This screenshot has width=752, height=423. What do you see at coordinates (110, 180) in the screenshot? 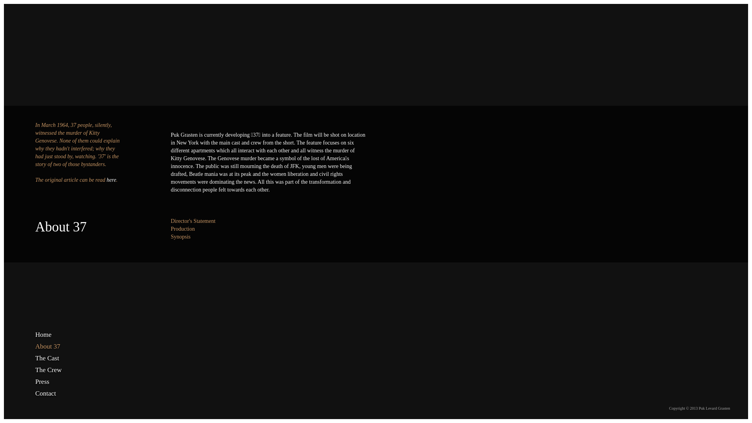
I see `'here'` at bounding box center [110, 180].